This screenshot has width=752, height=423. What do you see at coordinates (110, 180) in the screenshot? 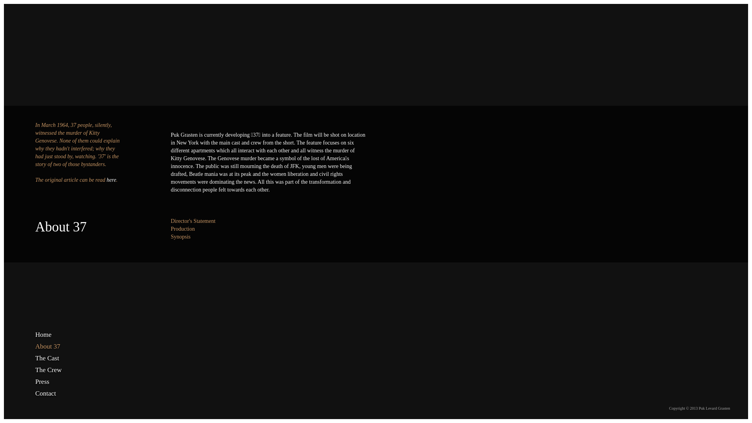
I see `'here'` at bounding box center [110, 180].